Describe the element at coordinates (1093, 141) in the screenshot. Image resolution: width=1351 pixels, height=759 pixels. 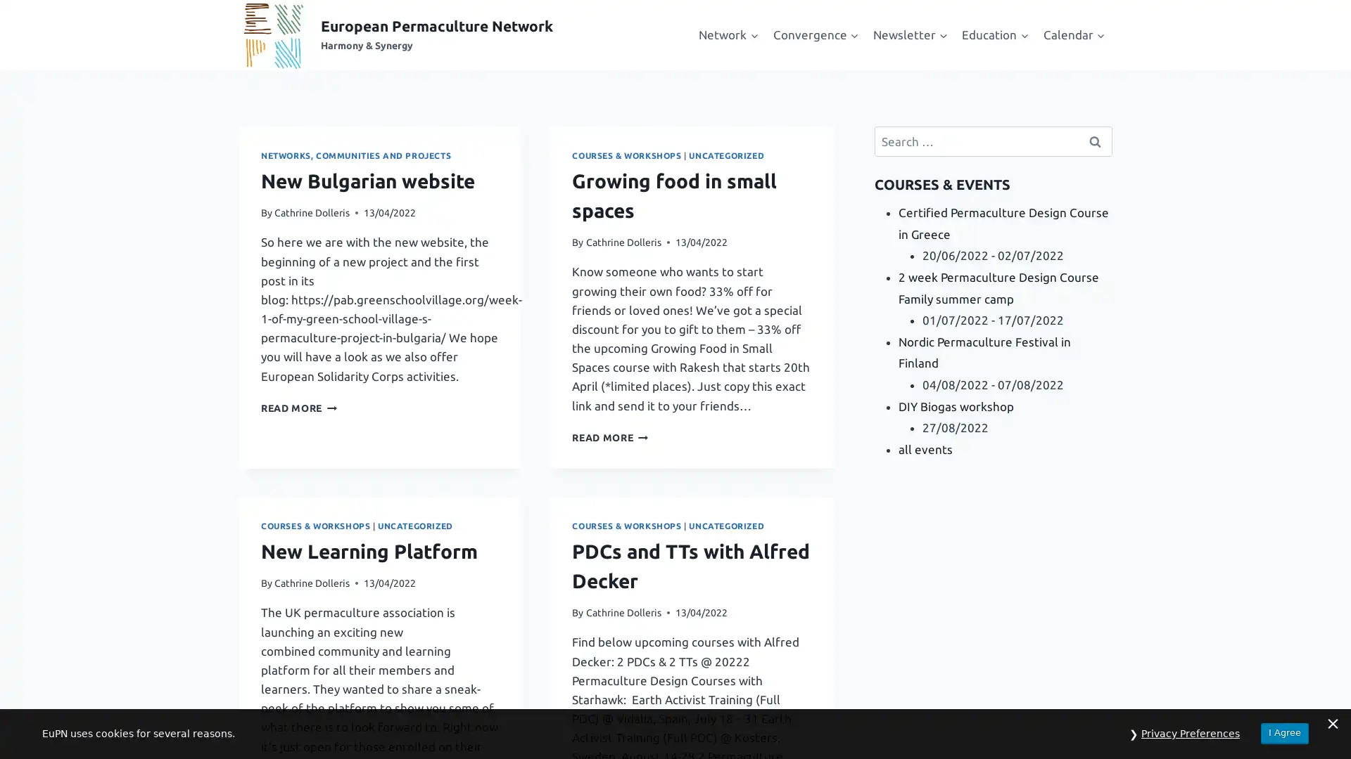
I see `Search` at that location.